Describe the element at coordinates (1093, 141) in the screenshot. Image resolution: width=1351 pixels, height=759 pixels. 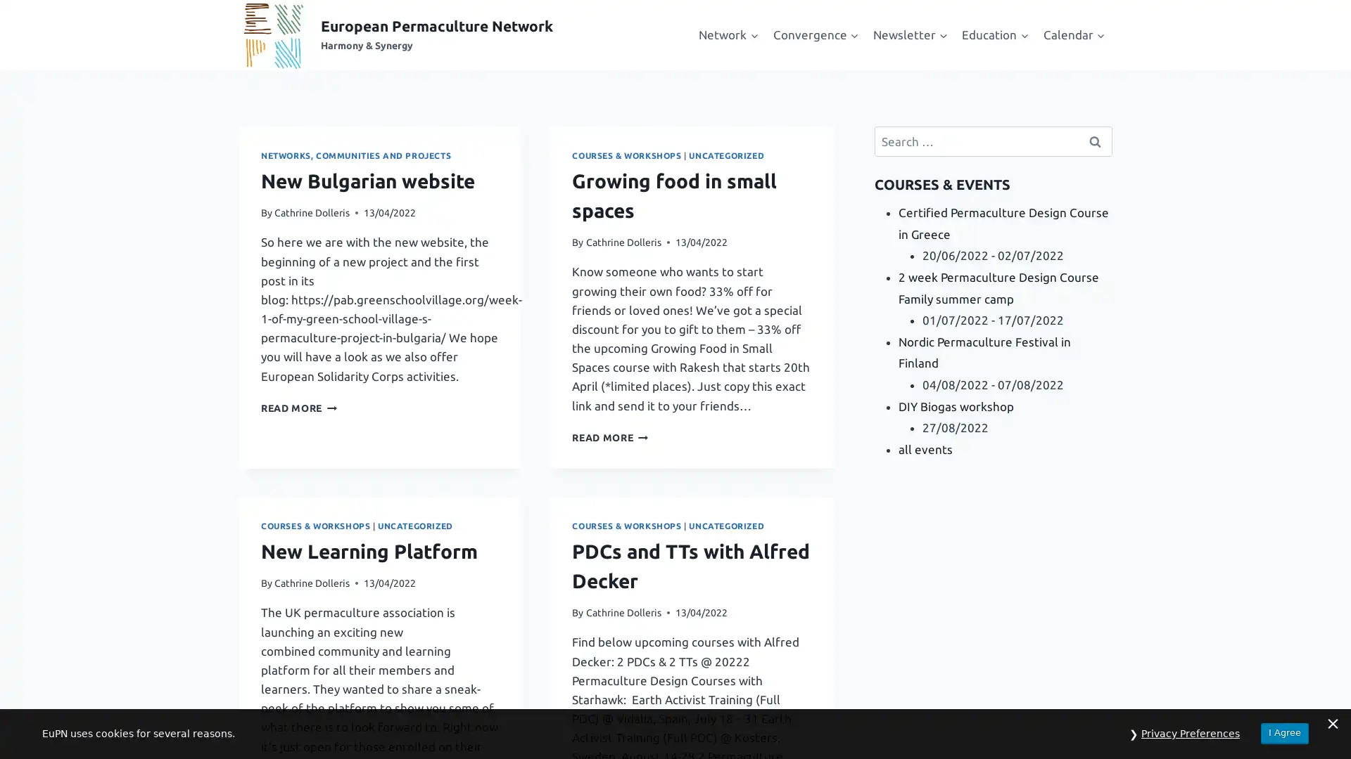
I see `Search` at that location.